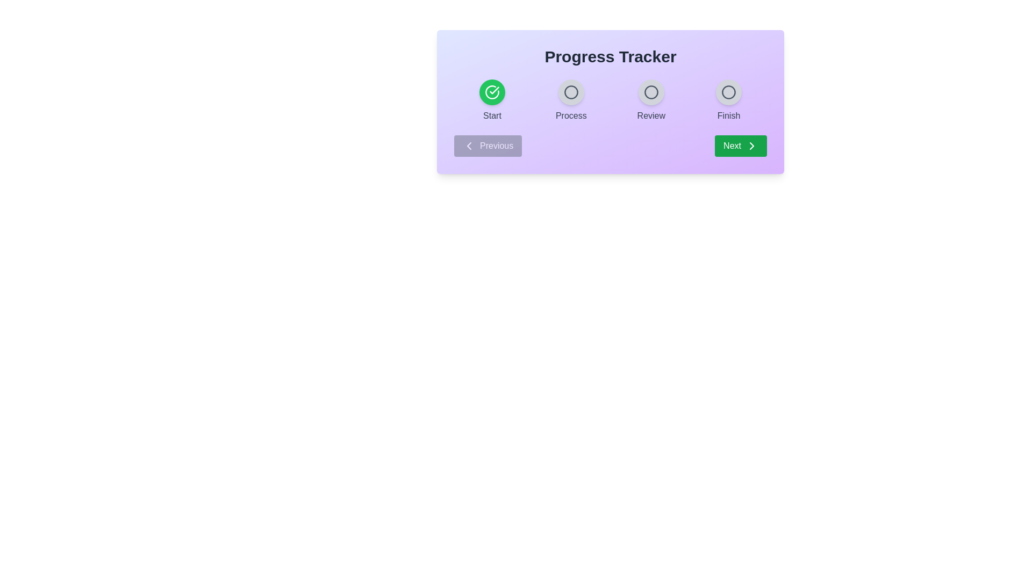  I want to click on the inner checkmark graphic inside the green circular 'Start' icon, indicating the completion of the 'Start' step in the progress tracker, so click(494, 90).